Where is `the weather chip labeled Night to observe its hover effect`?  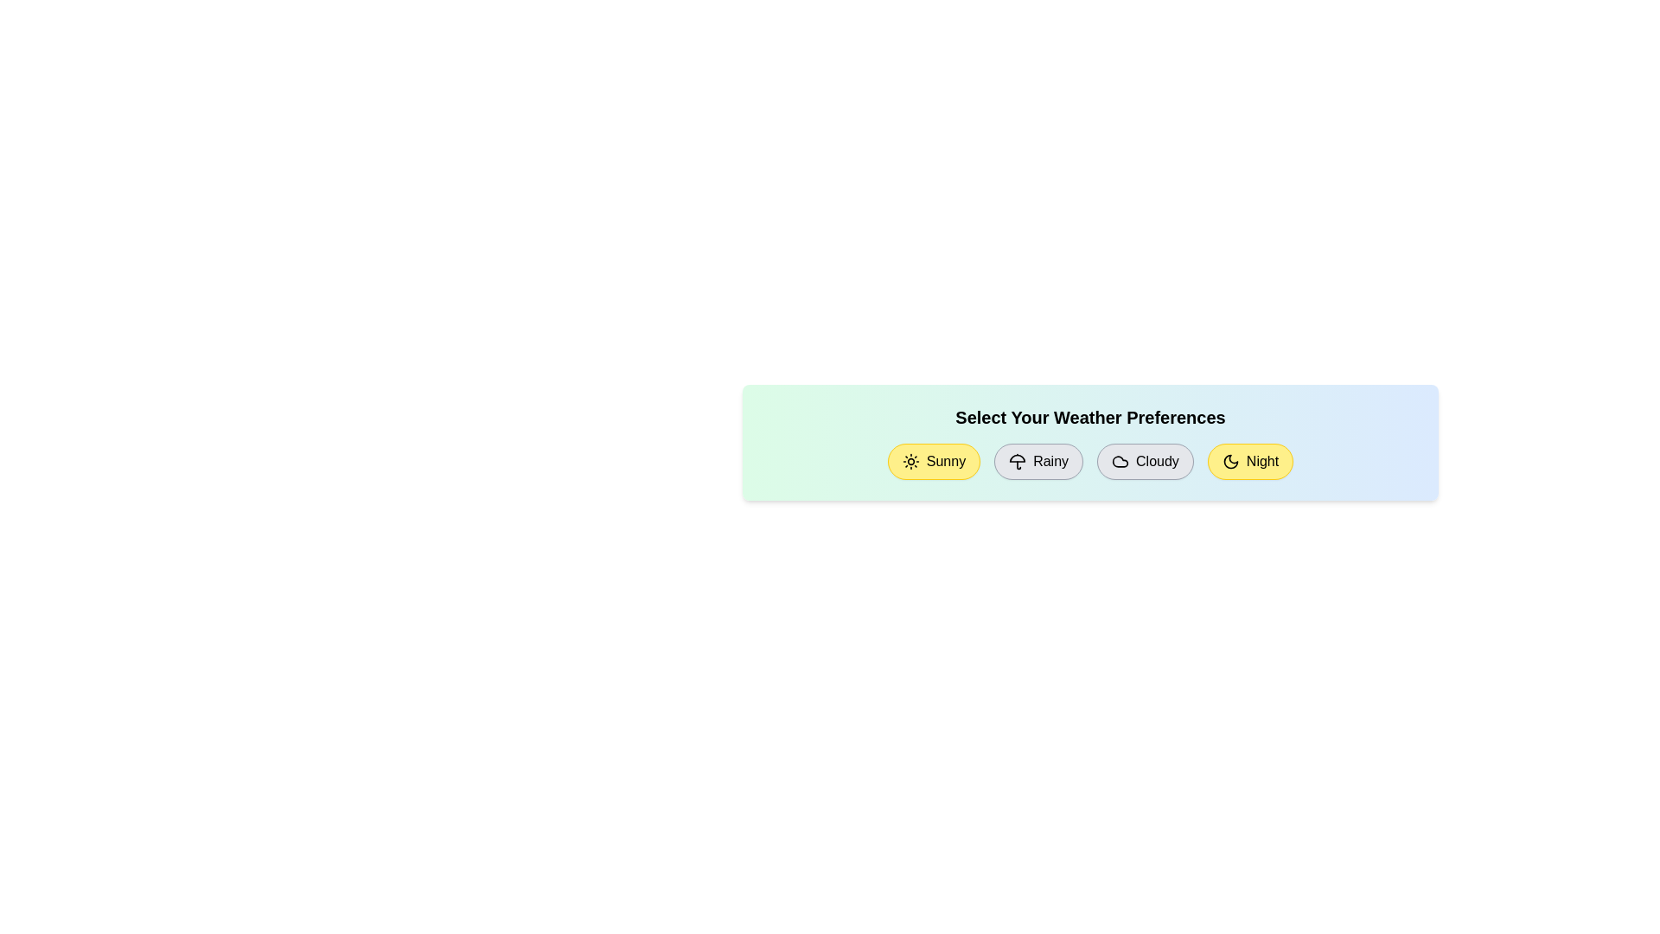
the weather chip labeled Night to observe its hover effect is located at coordinates (1250, 460).